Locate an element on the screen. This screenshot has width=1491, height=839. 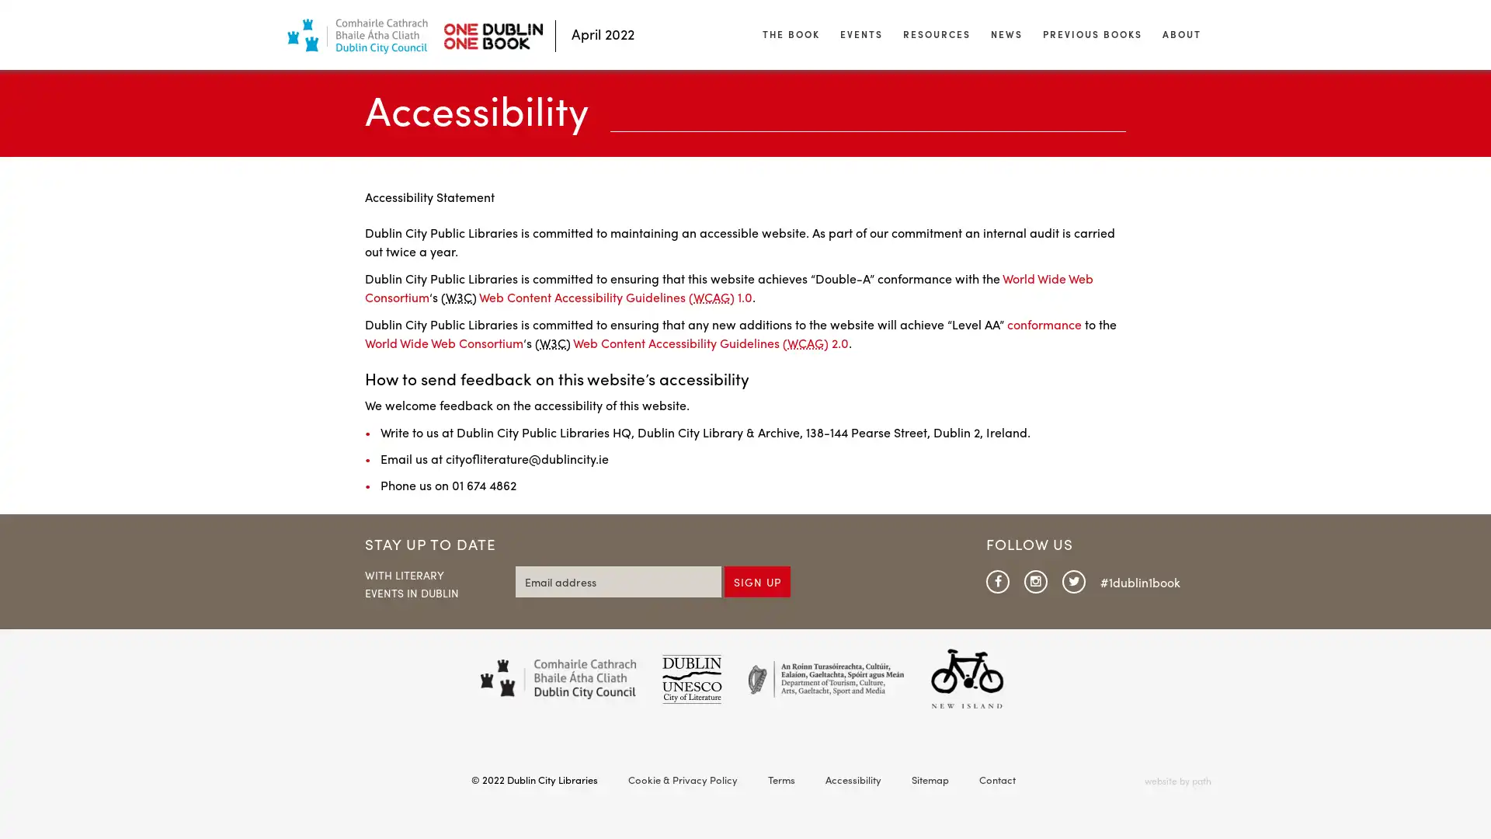
Sign Up is located at coordinates (757, 581).